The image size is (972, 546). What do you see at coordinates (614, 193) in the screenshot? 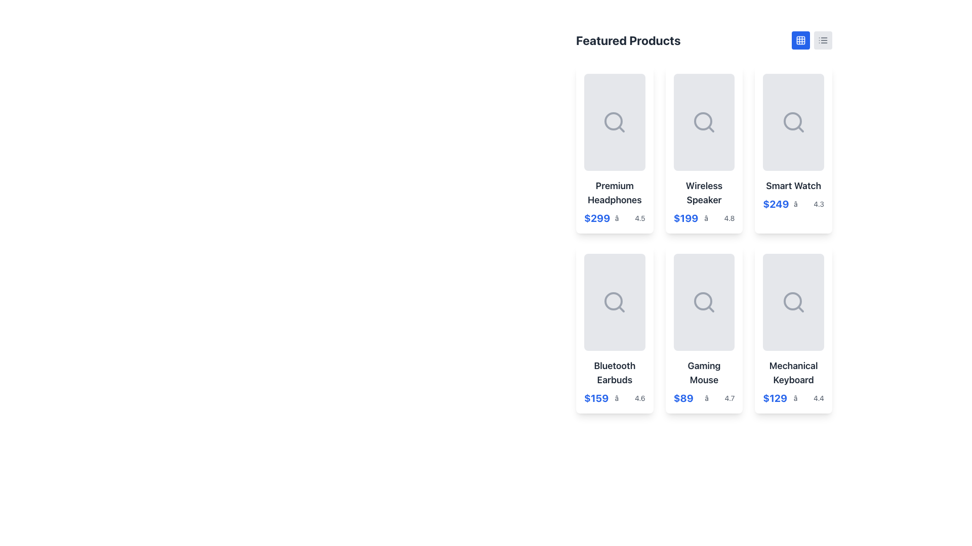
I see `text label 'Premium Headphones' located in the top-left product card of the 'Featured Products' section, styled in bold dark gray on a light background` at bounding box center [614, 193].